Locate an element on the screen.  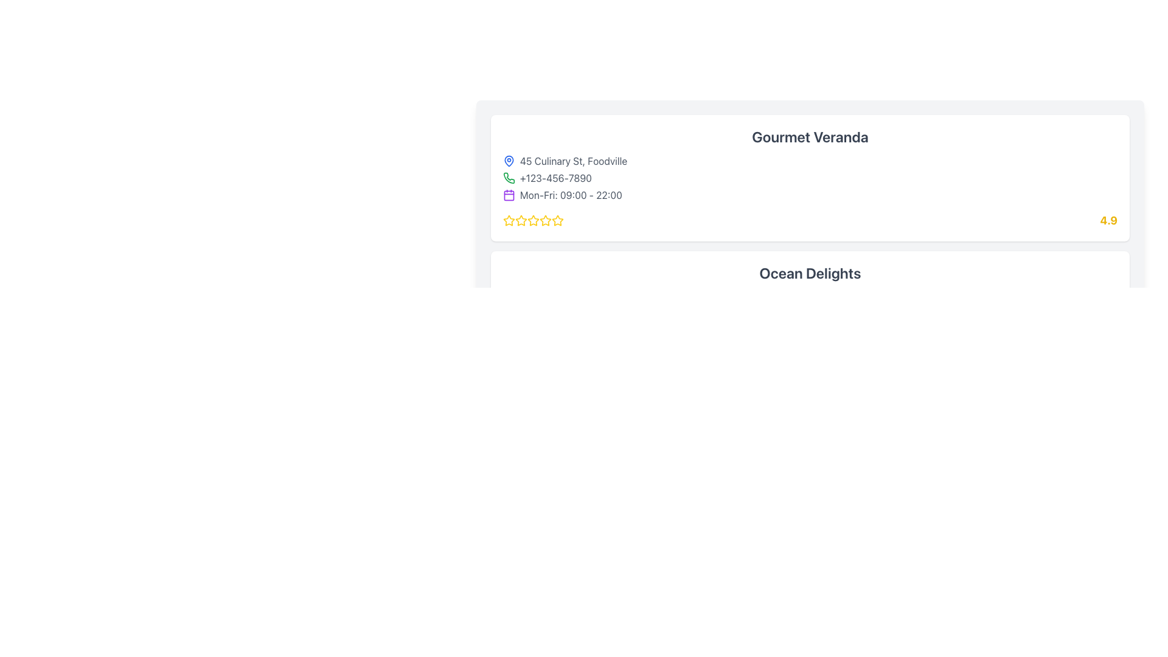
the first star icon in the rating system located under the address and contact information of 'Gourmet Veranda' is located at coordinates (509, 220).